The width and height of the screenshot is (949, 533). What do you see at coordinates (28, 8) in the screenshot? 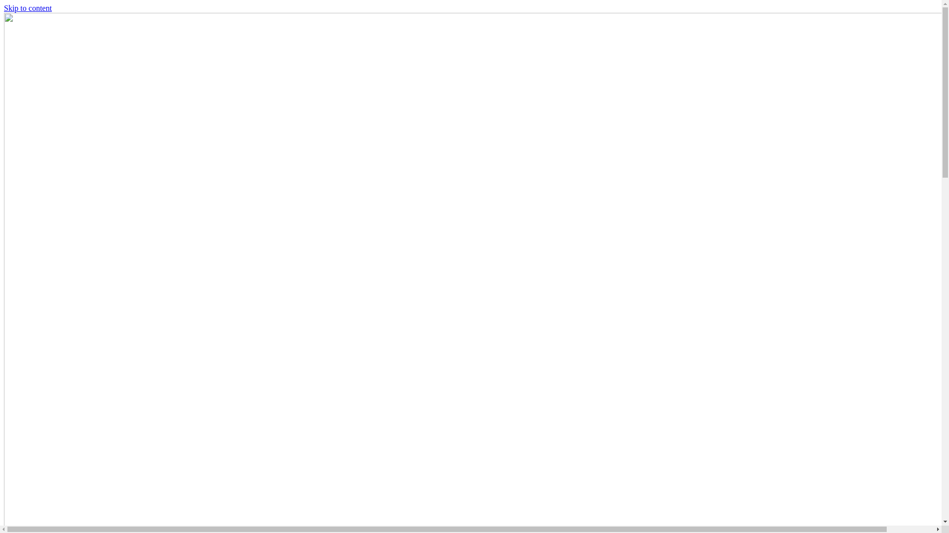
I see `'Skip to content'` at bounding box center [28, 8].